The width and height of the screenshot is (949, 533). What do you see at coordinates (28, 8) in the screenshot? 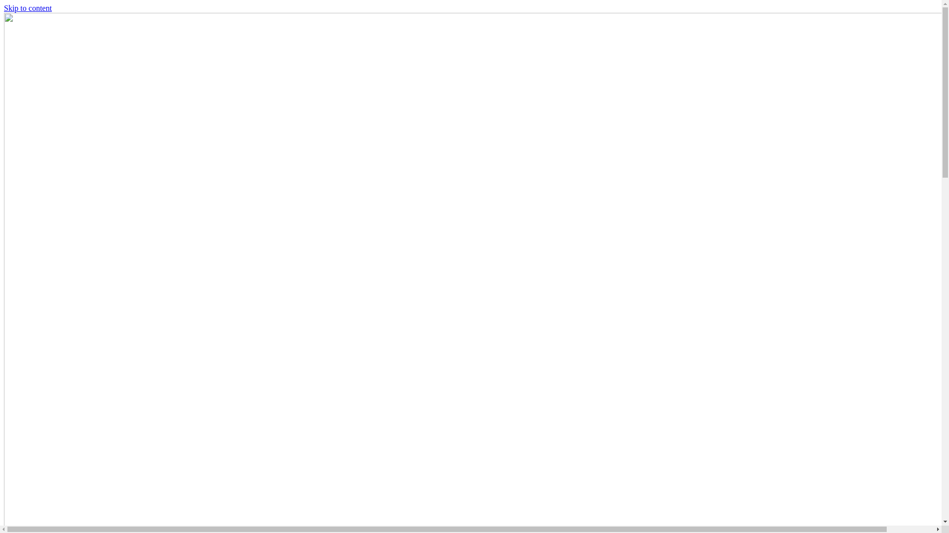
I see `'Skip to content'` at bounding box center [28, 8].